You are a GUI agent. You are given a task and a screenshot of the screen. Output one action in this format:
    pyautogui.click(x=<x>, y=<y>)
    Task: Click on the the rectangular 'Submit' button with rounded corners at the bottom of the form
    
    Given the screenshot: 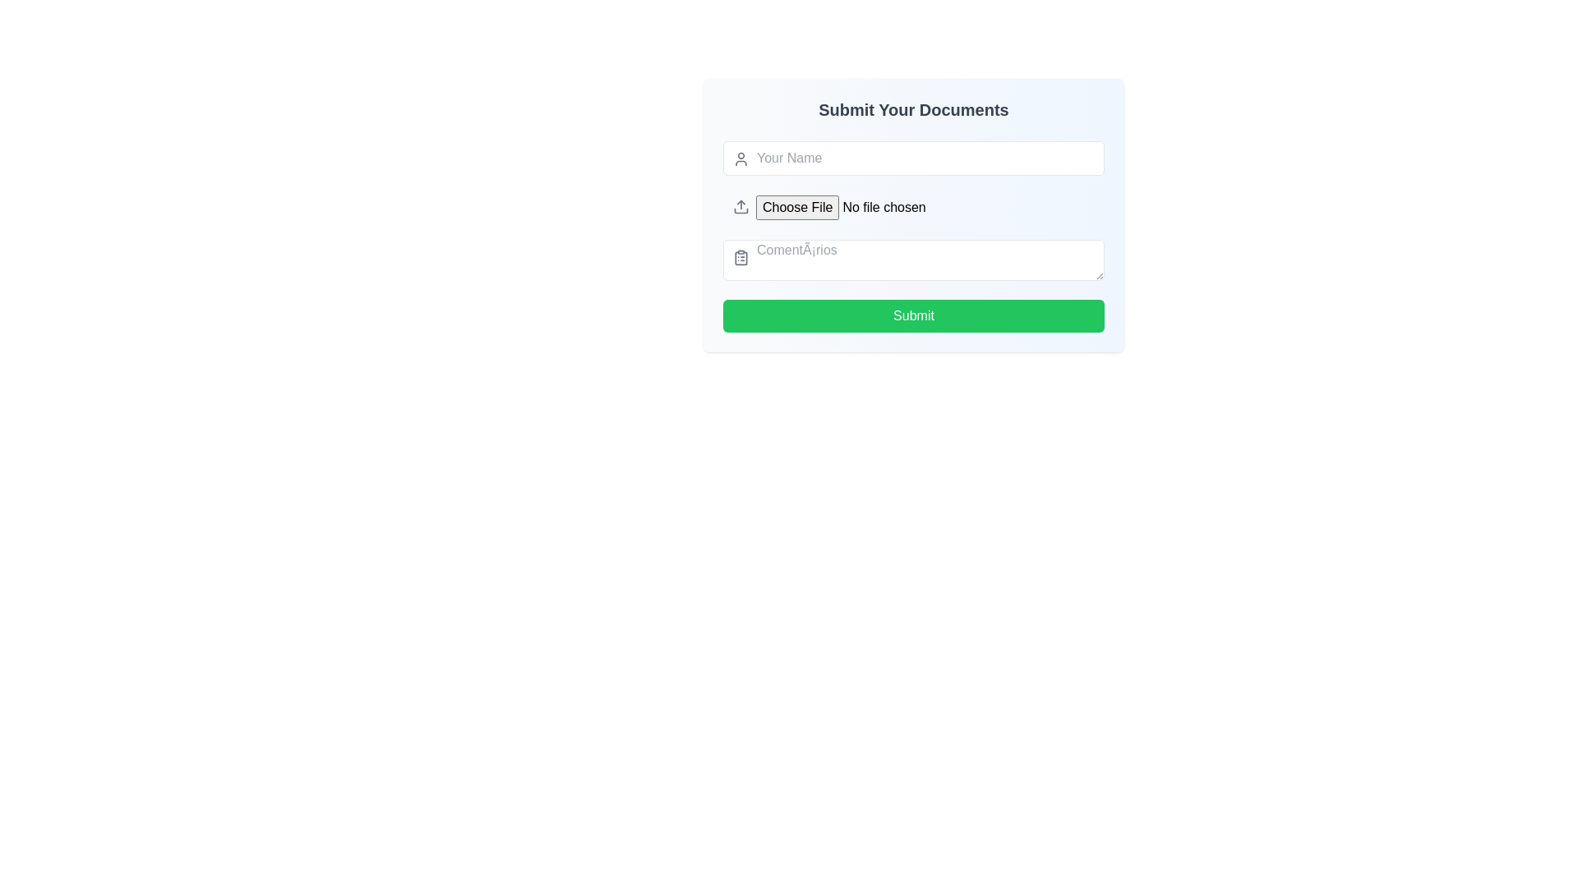 What is the action you would take?
    pyautogui.click(x=913, y=316)
    